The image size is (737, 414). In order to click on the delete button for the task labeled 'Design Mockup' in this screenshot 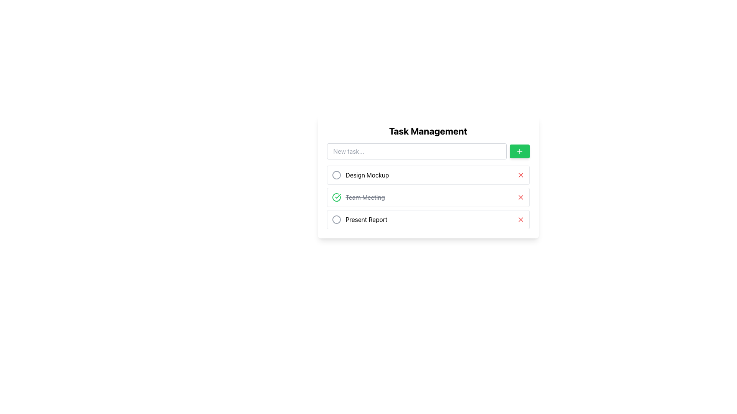, I will do `click(521, 175)`.